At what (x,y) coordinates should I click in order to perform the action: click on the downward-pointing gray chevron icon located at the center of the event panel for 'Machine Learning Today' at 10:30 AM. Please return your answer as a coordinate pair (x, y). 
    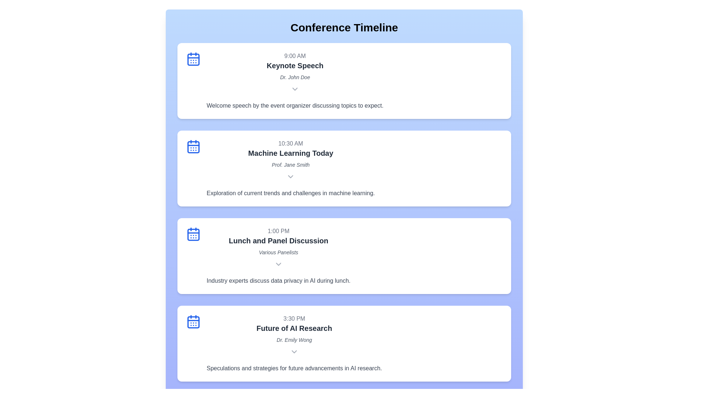
    Looking at the image, I should click on (290, 177).